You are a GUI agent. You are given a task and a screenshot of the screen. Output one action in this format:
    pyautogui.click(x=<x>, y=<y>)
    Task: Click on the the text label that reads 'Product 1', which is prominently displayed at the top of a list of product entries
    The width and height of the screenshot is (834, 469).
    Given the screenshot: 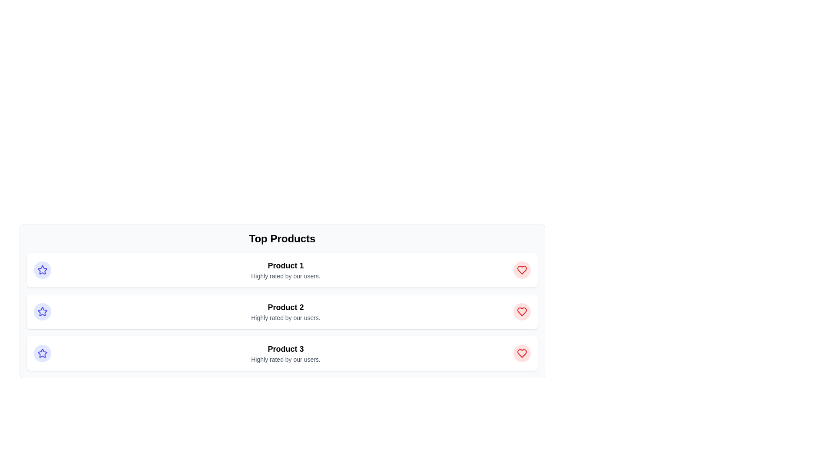 What is the action you would take?
    pyautogui.click(x=285, y=265)
    